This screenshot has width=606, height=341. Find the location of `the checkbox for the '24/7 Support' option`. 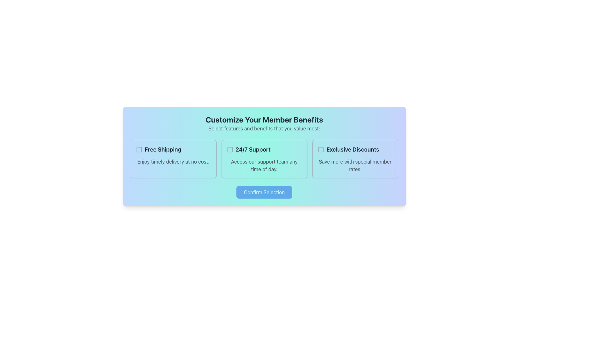

the checkbox for the '24/7 Support' option is located at coordinates (229, 150).